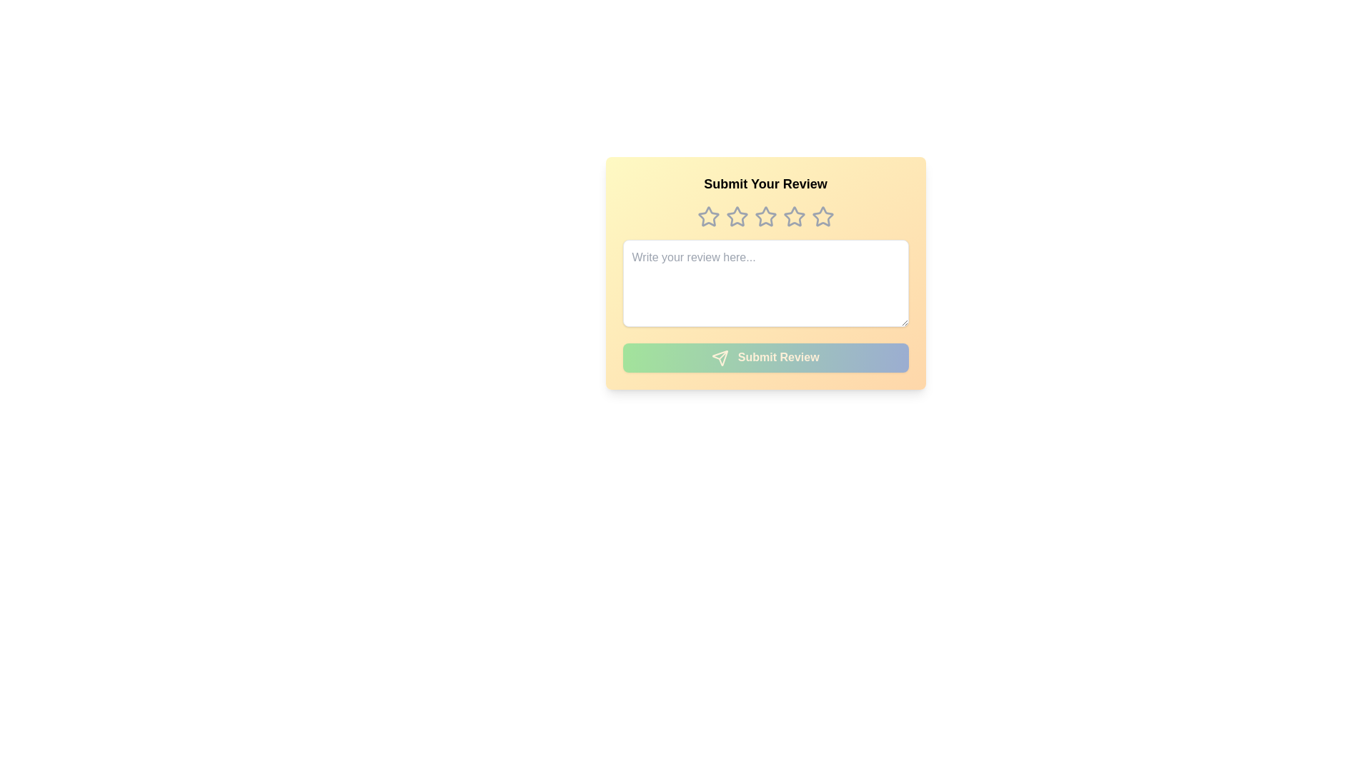 The width and height of the screenshot is (1372, 771). Describe the element at coordinates (720, 357) in the screenshot. I see `the 'Submit Review' button which contains the graphical icon indicating submission of review content` at that location.